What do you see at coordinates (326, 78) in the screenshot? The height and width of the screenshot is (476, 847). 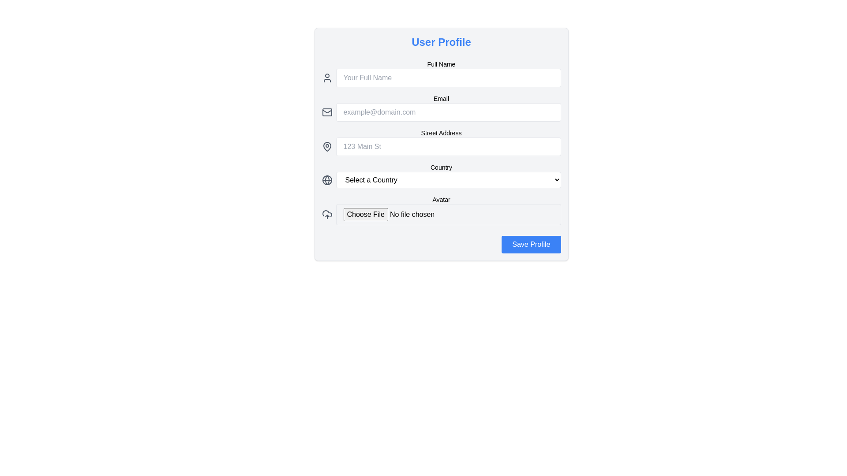 I see `the user avatar icon, which is a minimalistic SVG graphic consisting of a circle for the head and a semi-oval for the shoulders, located to the left of the 'Your Full Name' input field` at bounding box center [326, 78].